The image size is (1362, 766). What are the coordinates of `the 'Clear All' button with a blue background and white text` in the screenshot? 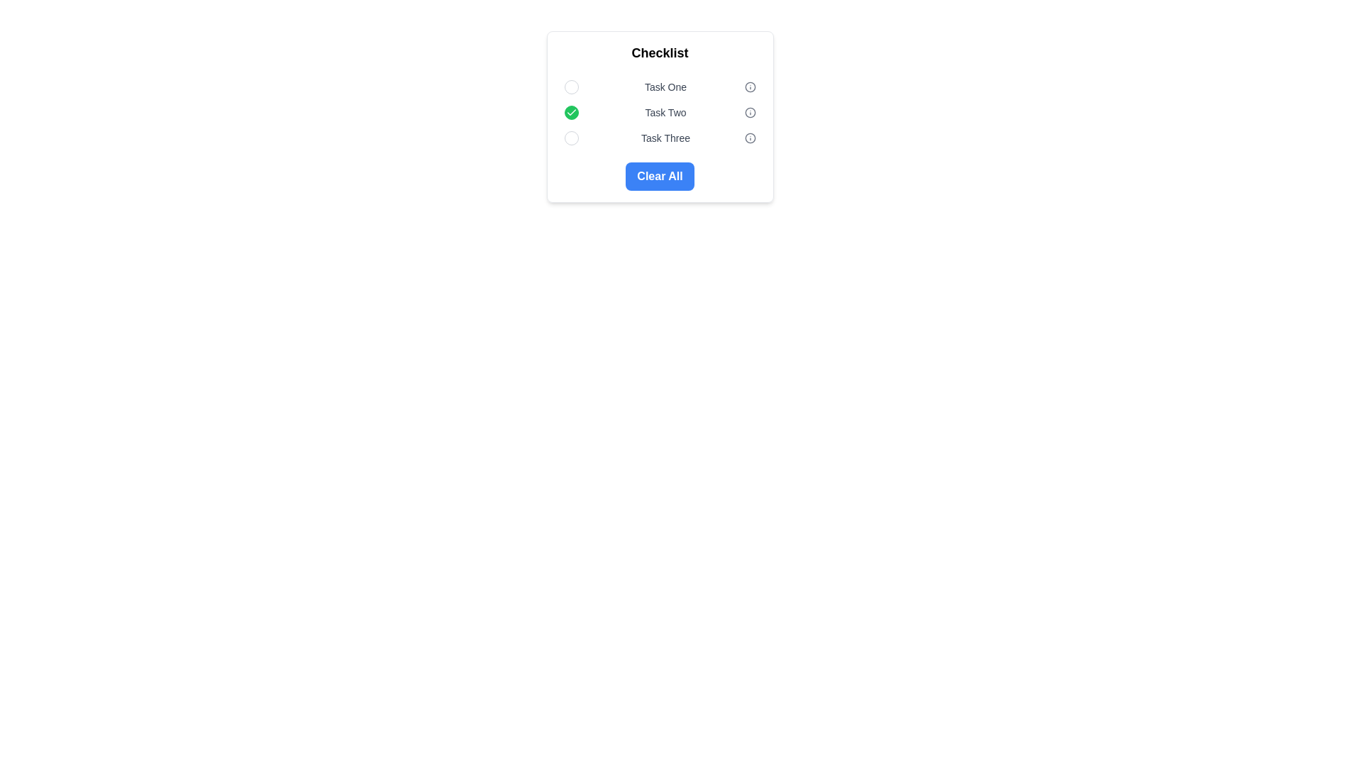 It's located at (659, 176).